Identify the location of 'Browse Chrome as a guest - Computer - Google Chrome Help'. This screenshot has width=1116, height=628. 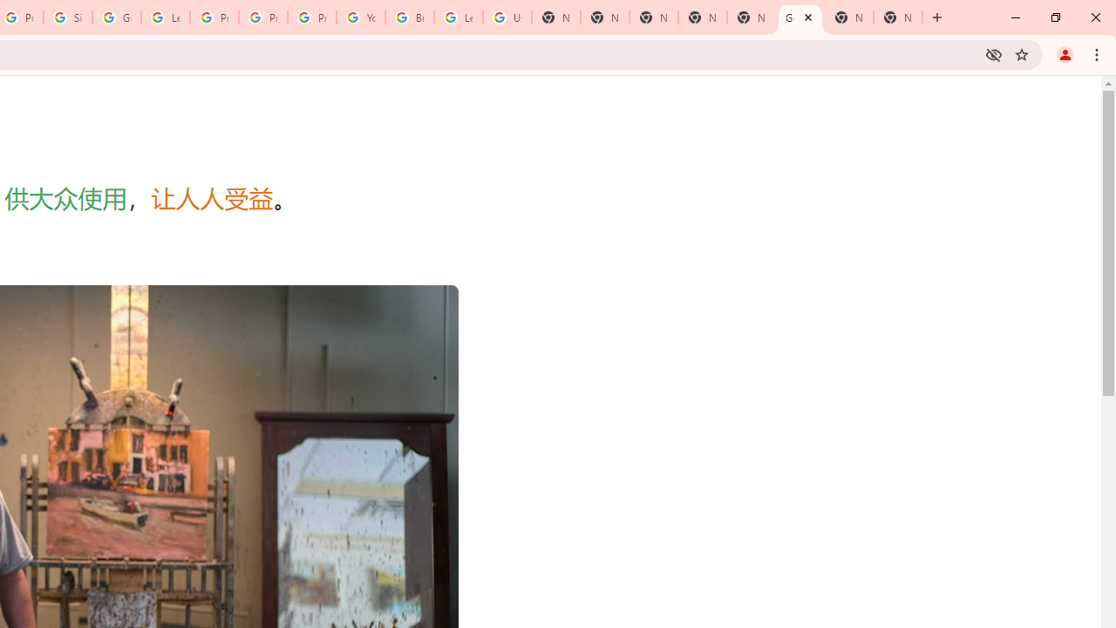
(408, 17).